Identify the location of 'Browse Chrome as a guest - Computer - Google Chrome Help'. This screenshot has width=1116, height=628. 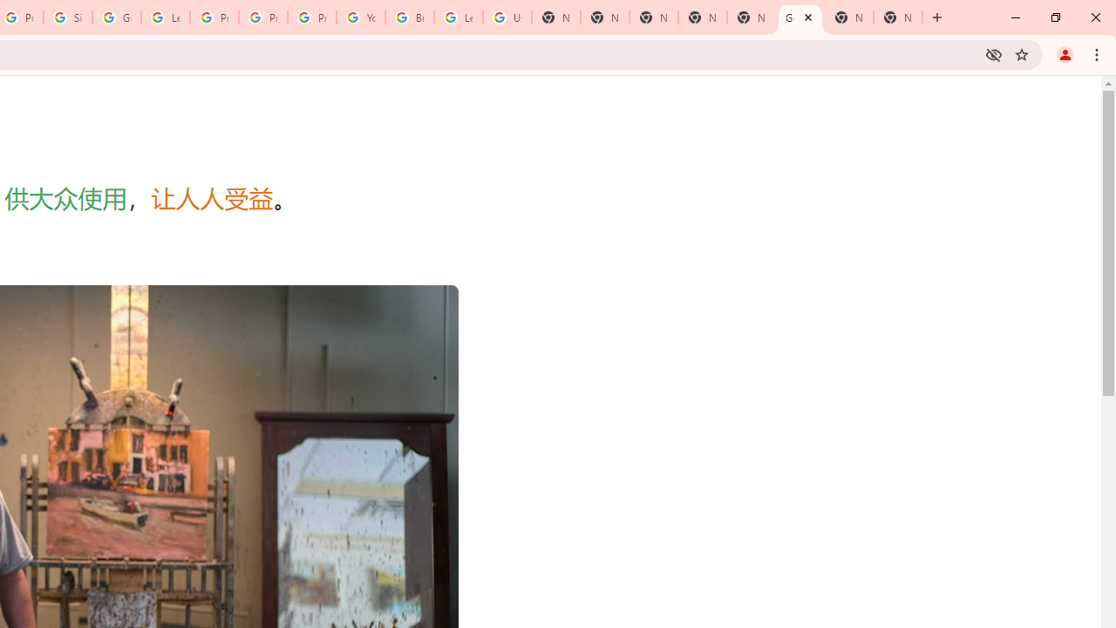
(408, 17).